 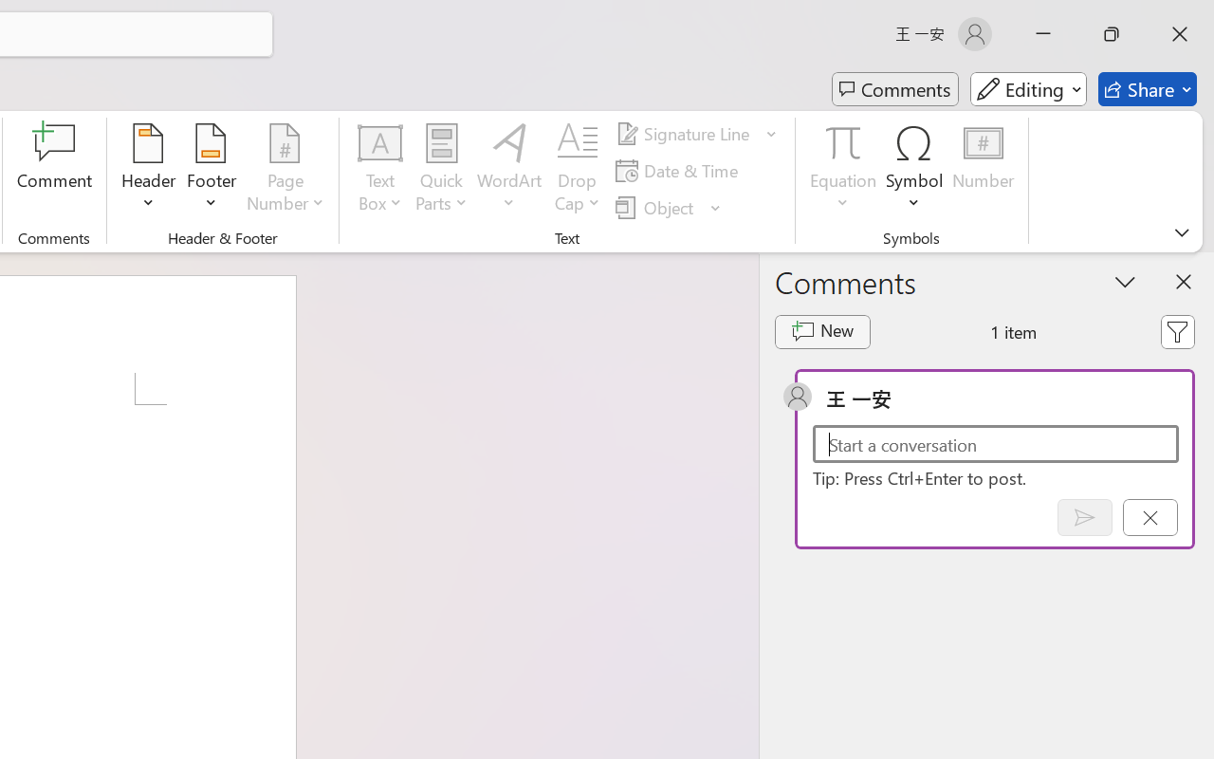 What do you see at coordinates (55, 170) in the screenshot?
I see `'Comment'` at bounding box center [55, 170].